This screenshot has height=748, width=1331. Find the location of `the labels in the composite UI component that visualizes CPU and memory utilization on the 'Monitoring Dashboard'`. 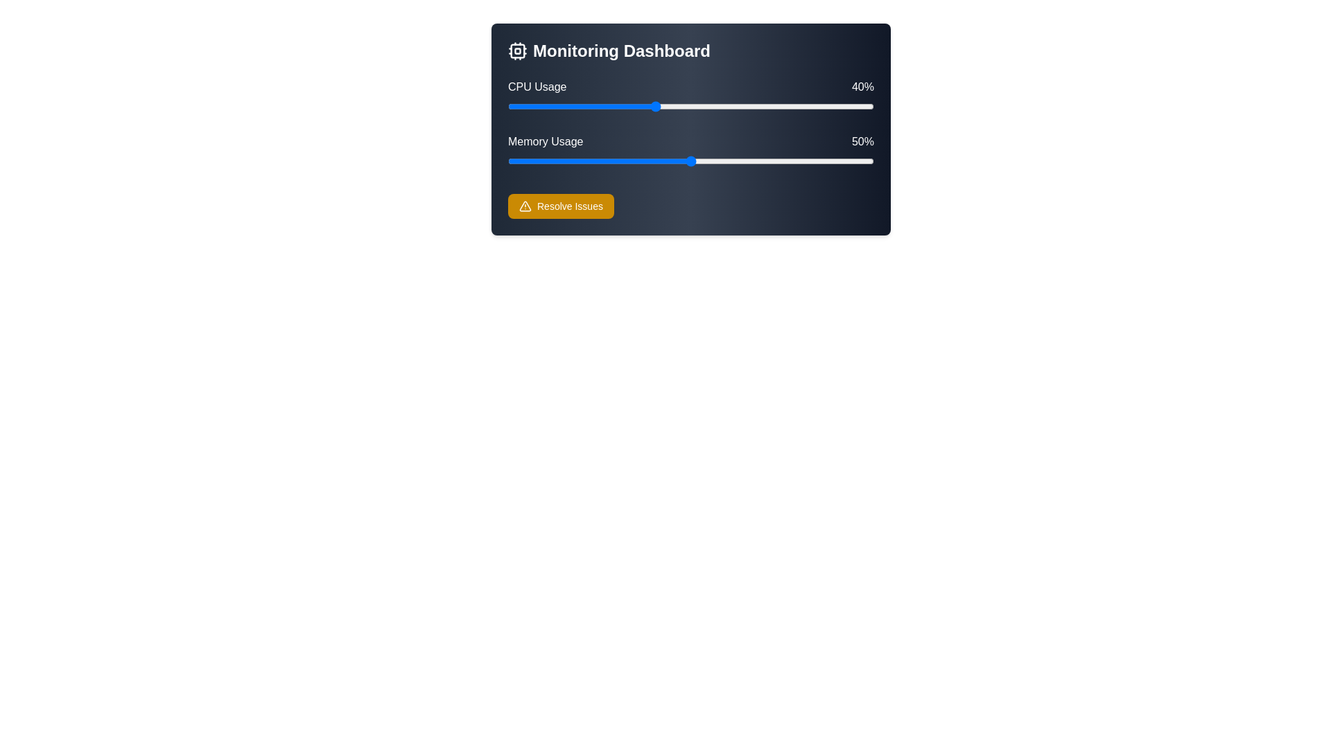

the labels in the composite UI component that visualizes CPU and memory utilization on the 'Monitoring Dashboard' is located at coordinates (691, 125).